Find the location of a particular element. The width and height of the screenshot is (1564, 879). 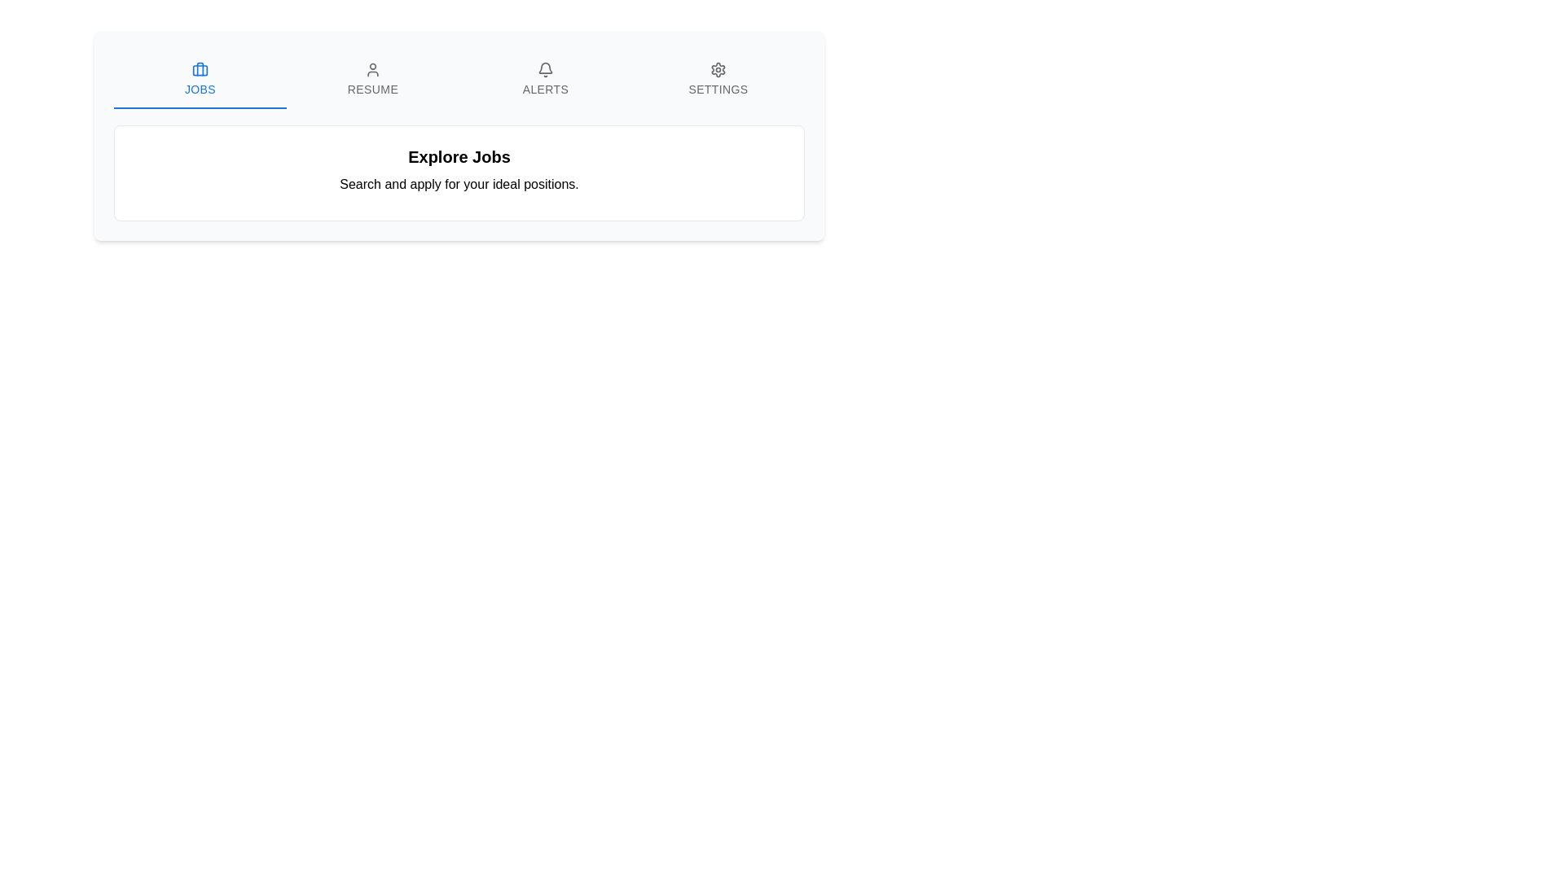

the 'Settings' icon is located at coordinates (718, 68).